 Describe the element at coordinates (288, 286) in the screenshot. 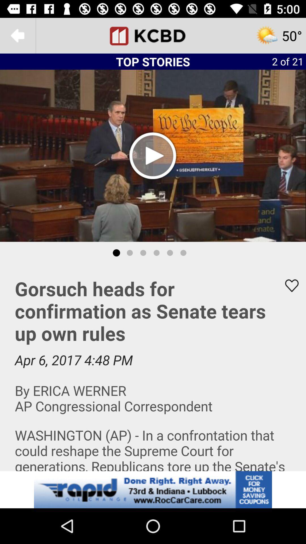

I see `like article` at that location.